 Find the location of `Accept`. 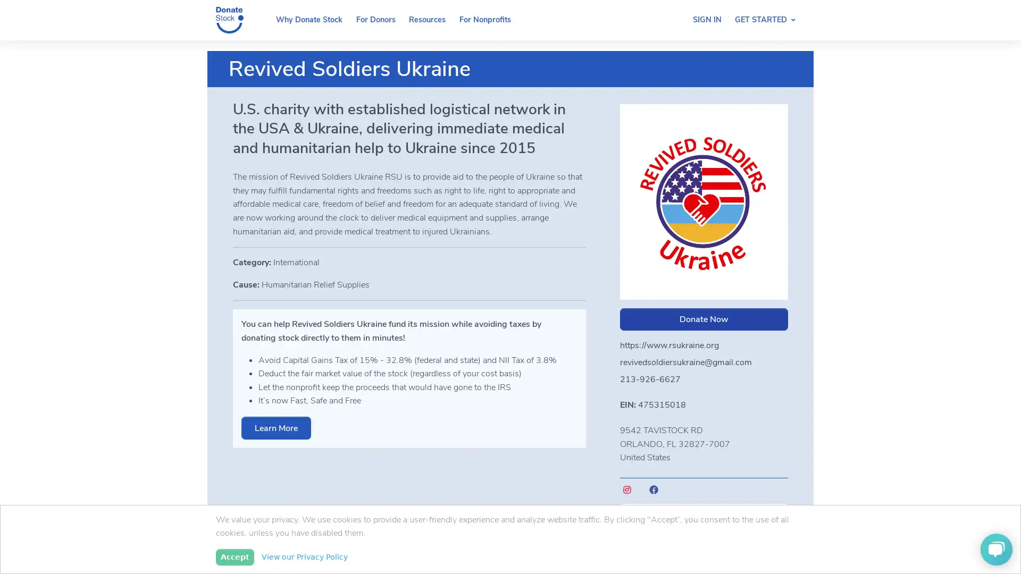

Accept is located at coordinates (234, 556).